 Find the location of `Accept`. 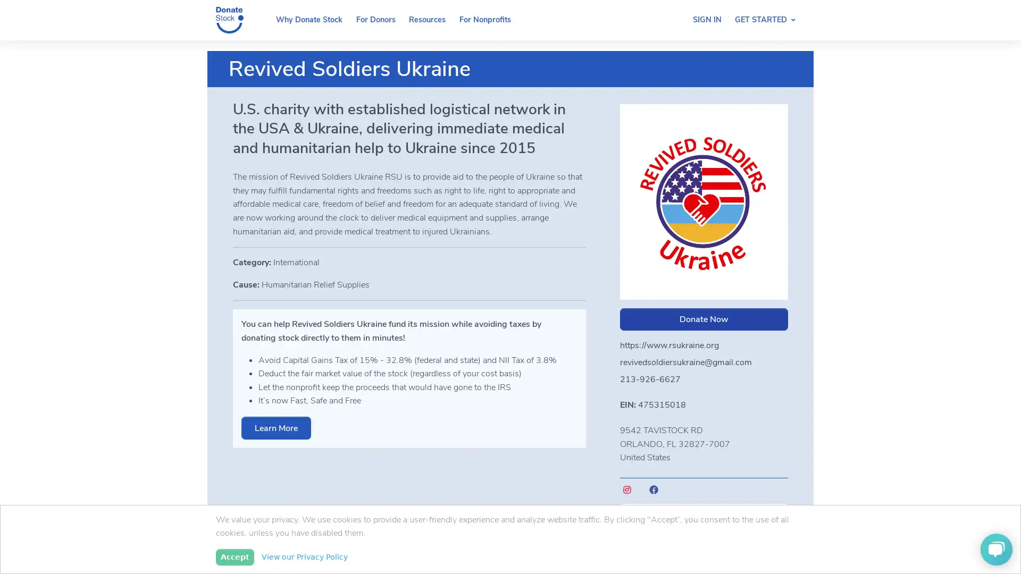

Accept is located at coordinates (234, 556).